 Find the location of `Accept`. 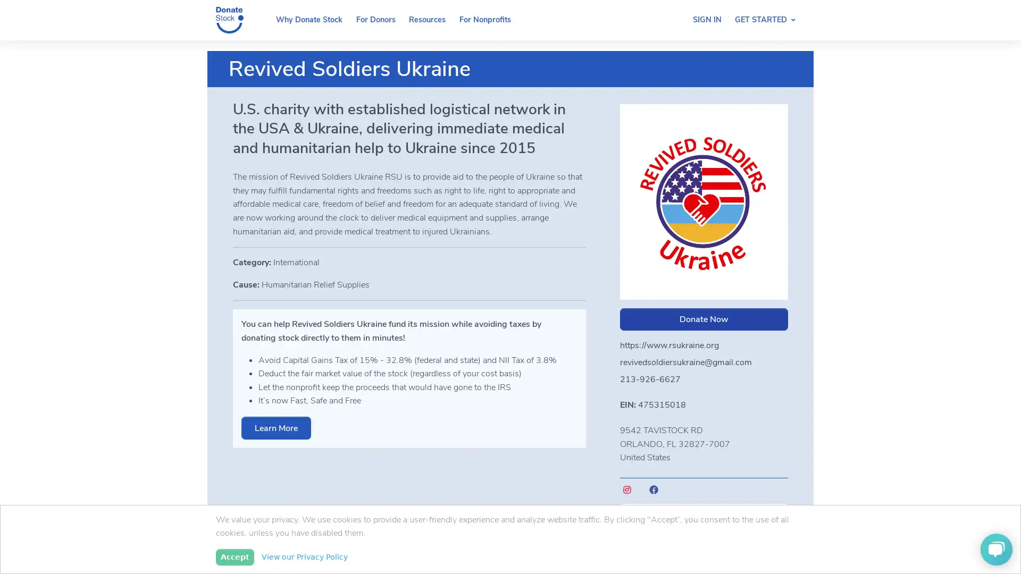

Accept is located at coordinates (234, 556).